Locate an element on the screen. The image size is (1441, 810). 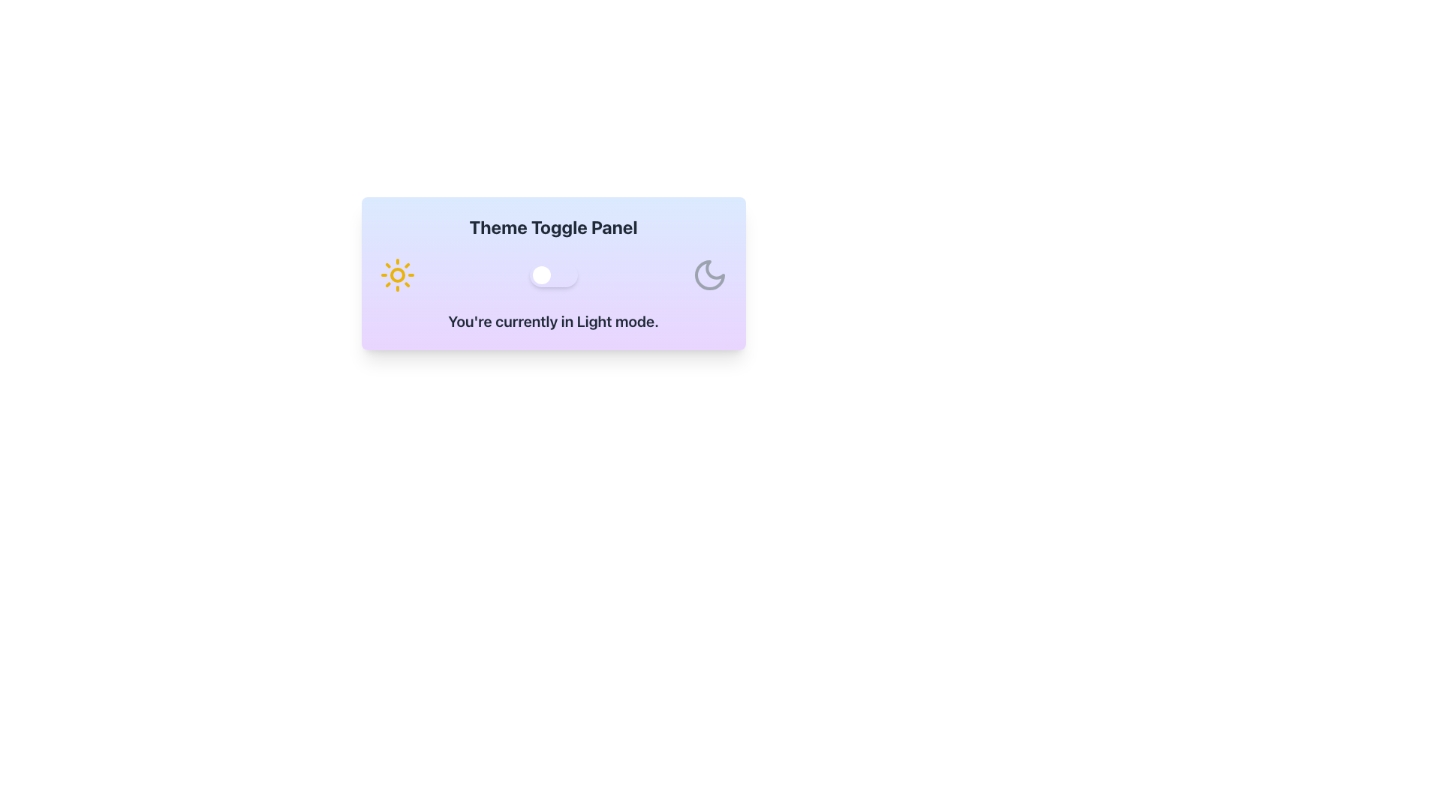
the light mode icon located in the top-left corner of the 'Theme Toggle Panel' for interaction is located at coordinates (397, 274).